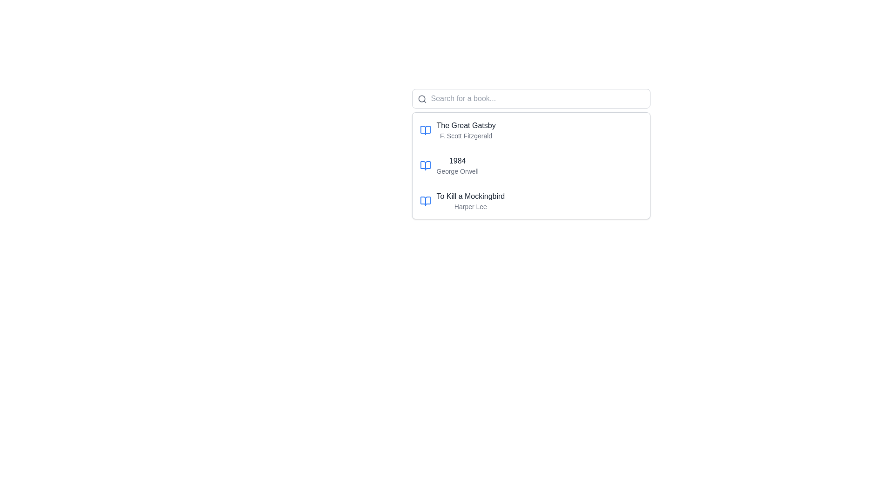 The height and width of the screenshot is (503, 894). What do you see at coordinates (470, 201) in the screenshot?
I see `the text block containing 'To Kill a Mockingbird' and 'Harper Lee', which is the third list item in a vertical list` at bounding box center [470, 201].